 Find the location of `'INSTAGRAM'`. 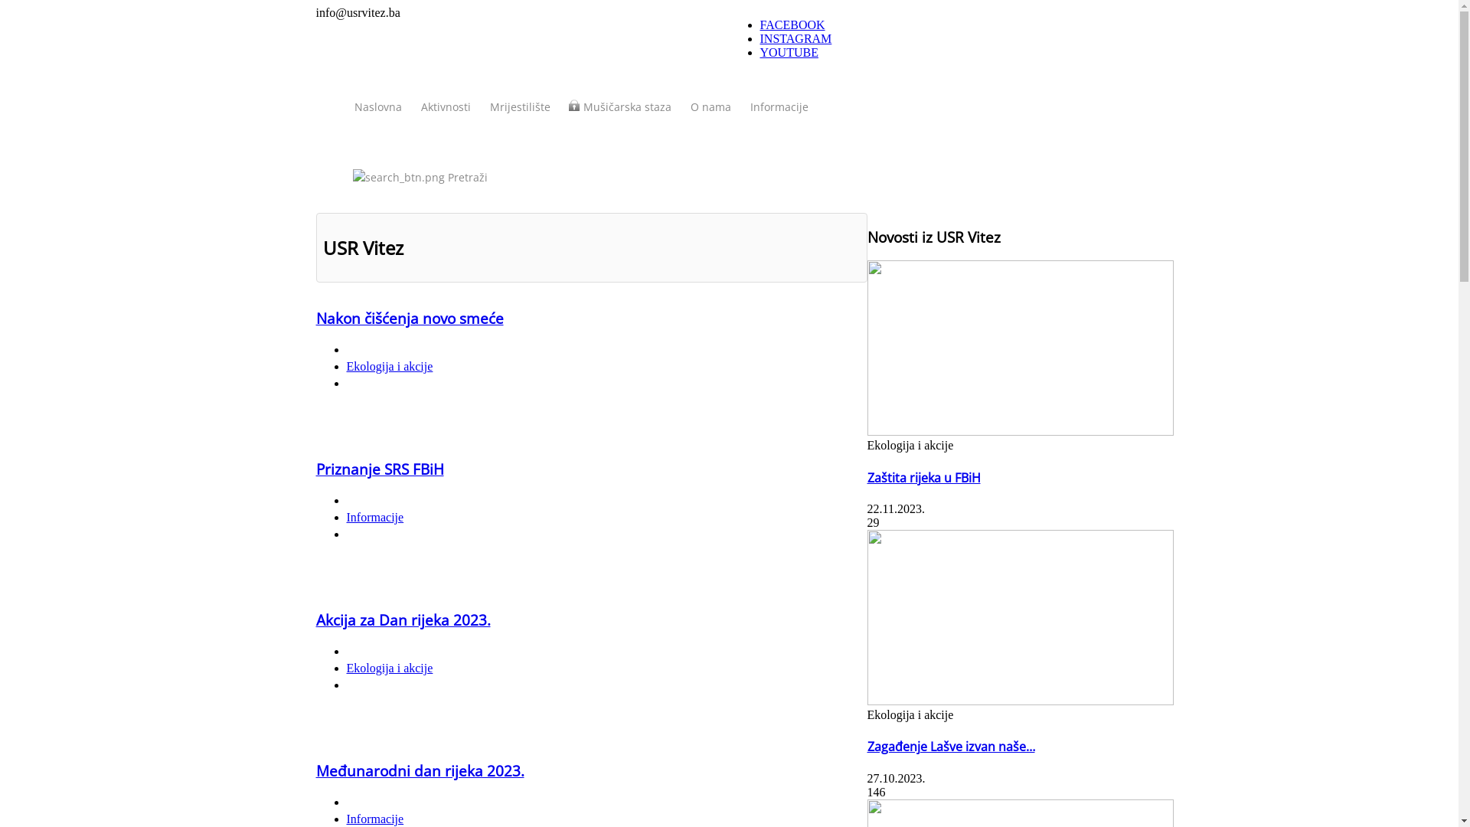

'INSTAGRAM' is located at coordinates (795, 38).